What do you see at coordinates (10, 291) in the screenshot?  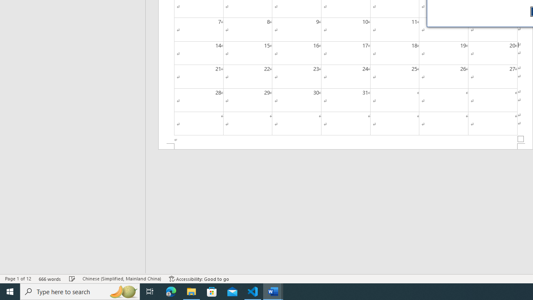 I see `'Start'` at bounding box center [10, 291].